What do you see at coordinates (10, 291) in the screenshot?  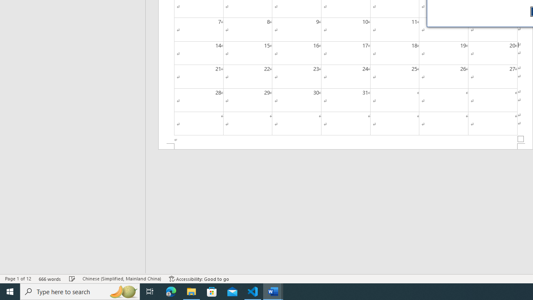 I see `'Start'` at bounding box center [10, 291].